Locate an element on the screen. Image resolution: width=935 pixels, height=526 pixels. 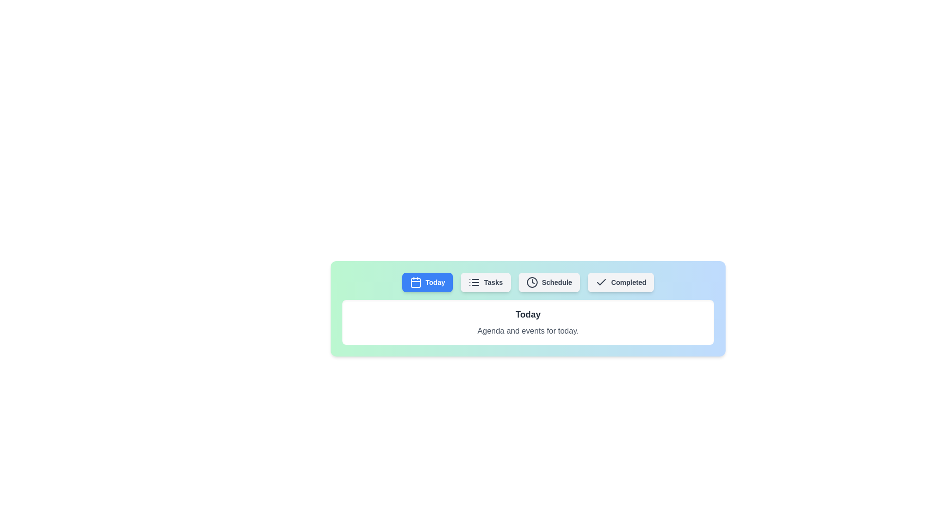
the Completed tab to switch to its view is located at coordinates (620, 282).